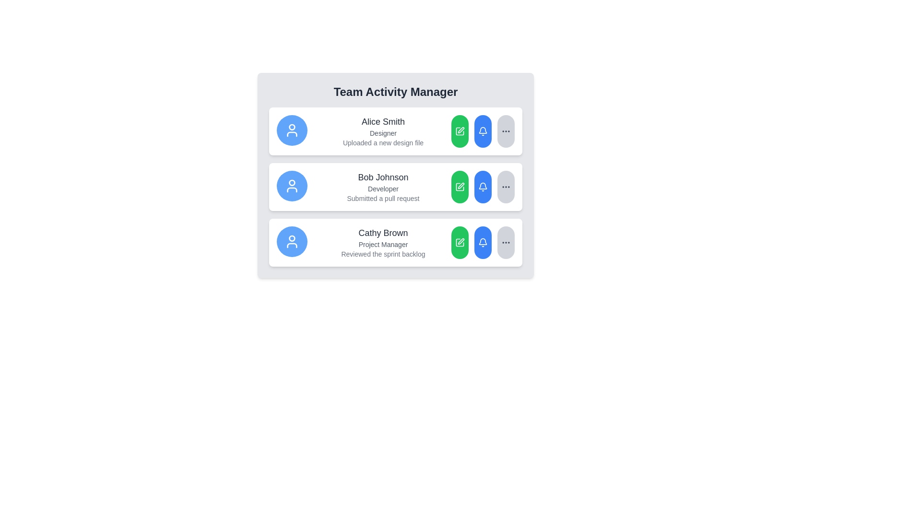 Image resolution: width=921 pixels, height=518 pixels. Describe the element at coordinates (460, 131) in the screenshot. I see `the editing button associated with user 'Alice Smith'` at that location.